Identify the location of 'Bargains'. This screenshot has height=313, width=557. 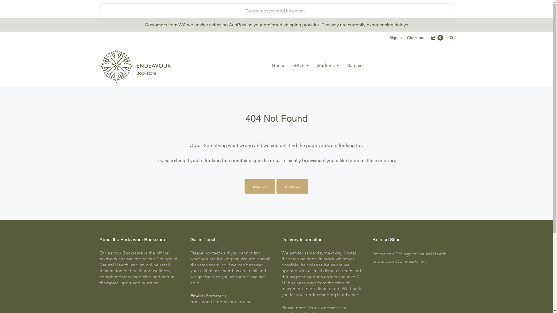
(356, 65).